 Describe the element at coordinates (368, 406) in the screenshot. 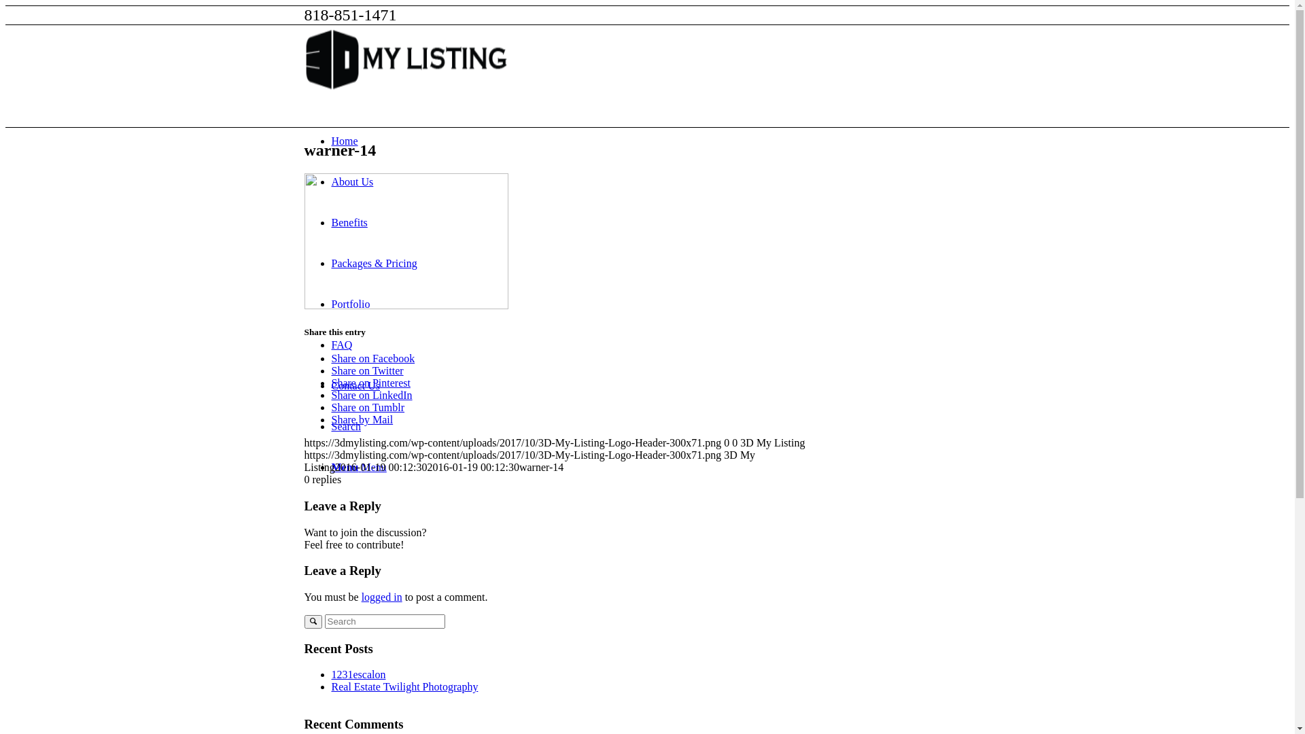

I see `'Share on Tumblr'` at that location.